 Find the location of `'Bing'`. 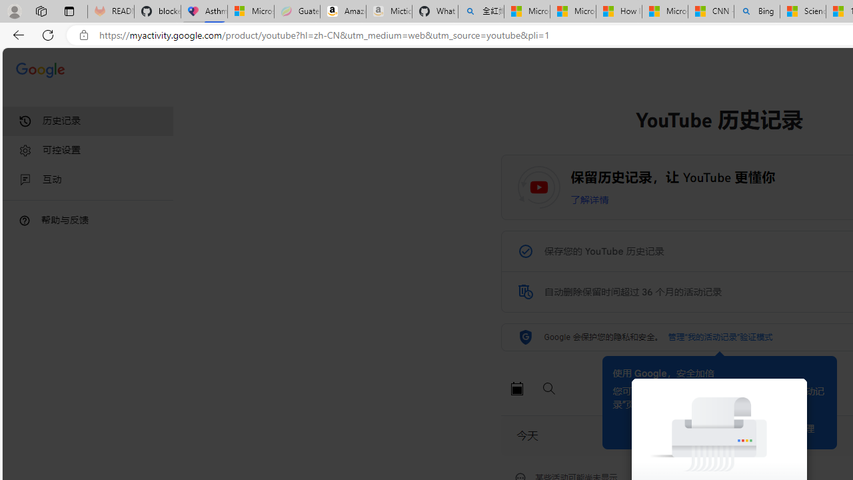

'Bing' is located at coordinates (757, 11).